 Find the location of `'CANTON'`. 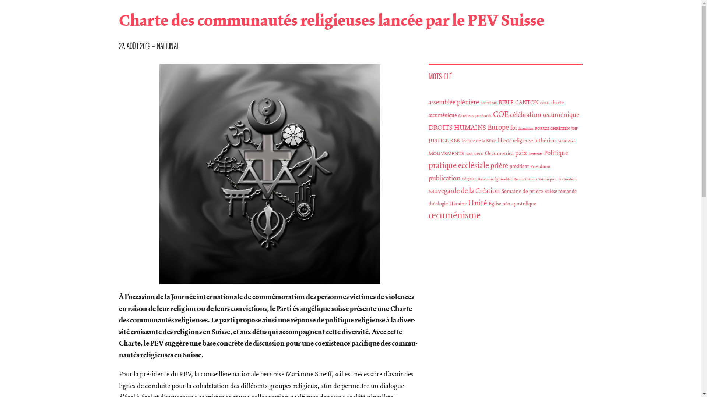

'CANTON' is located at coordinates (514, 103).